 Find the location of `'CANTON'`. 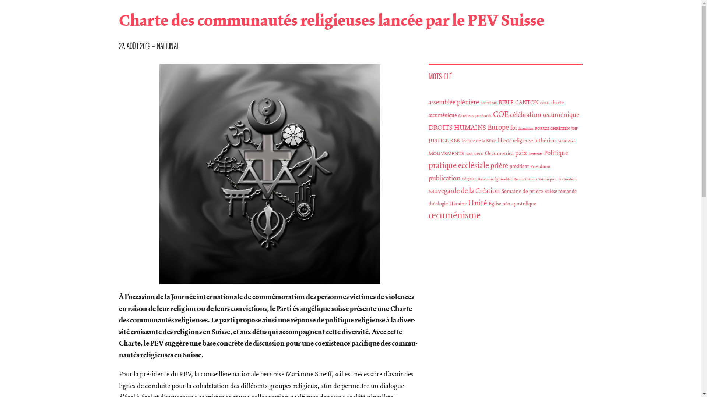

'CANTON' is located at coordinates (514, 103).